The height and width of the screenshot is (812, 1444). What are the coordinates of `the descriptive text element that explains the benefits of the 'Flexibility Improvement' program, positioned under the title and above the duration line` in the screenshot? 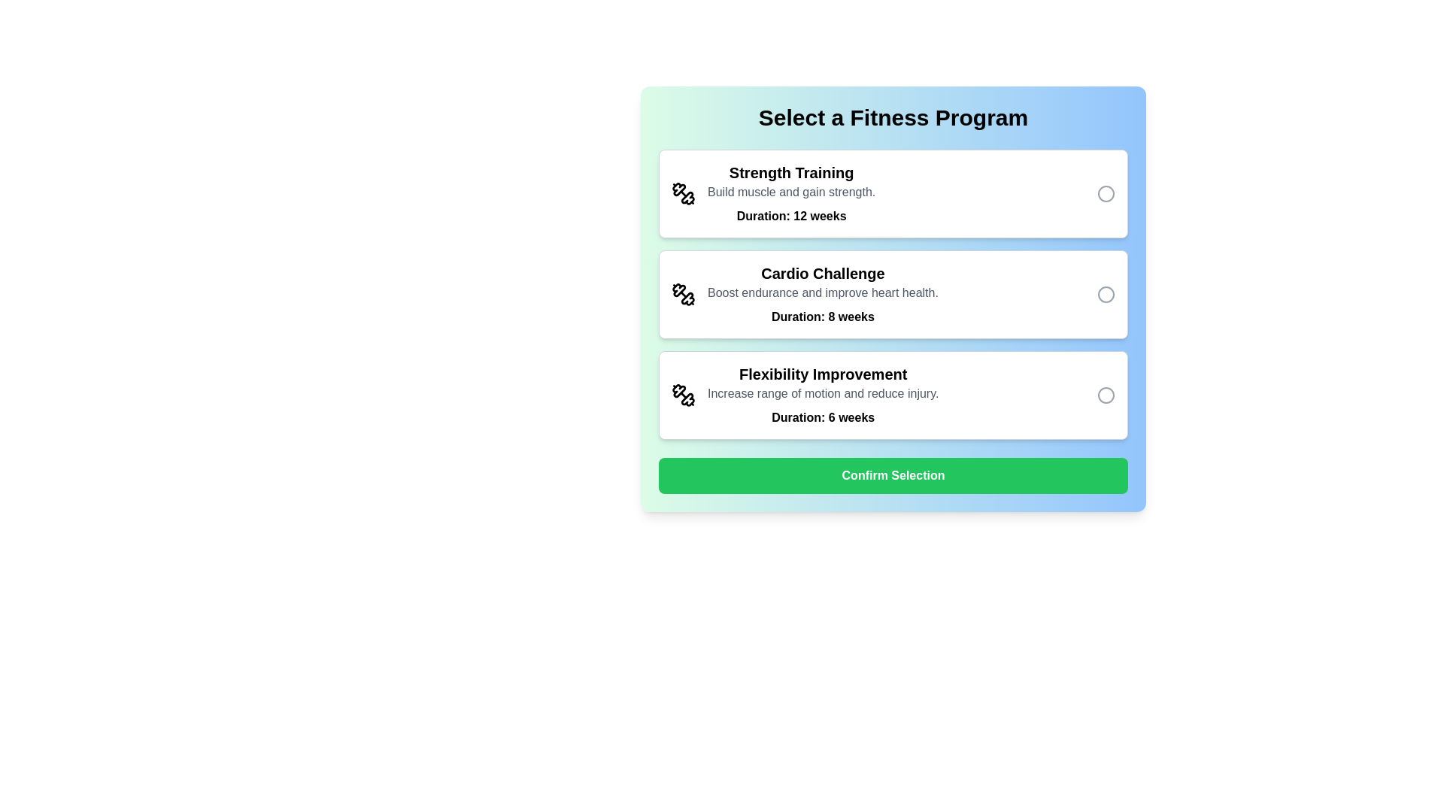 It's located at (822, 393).